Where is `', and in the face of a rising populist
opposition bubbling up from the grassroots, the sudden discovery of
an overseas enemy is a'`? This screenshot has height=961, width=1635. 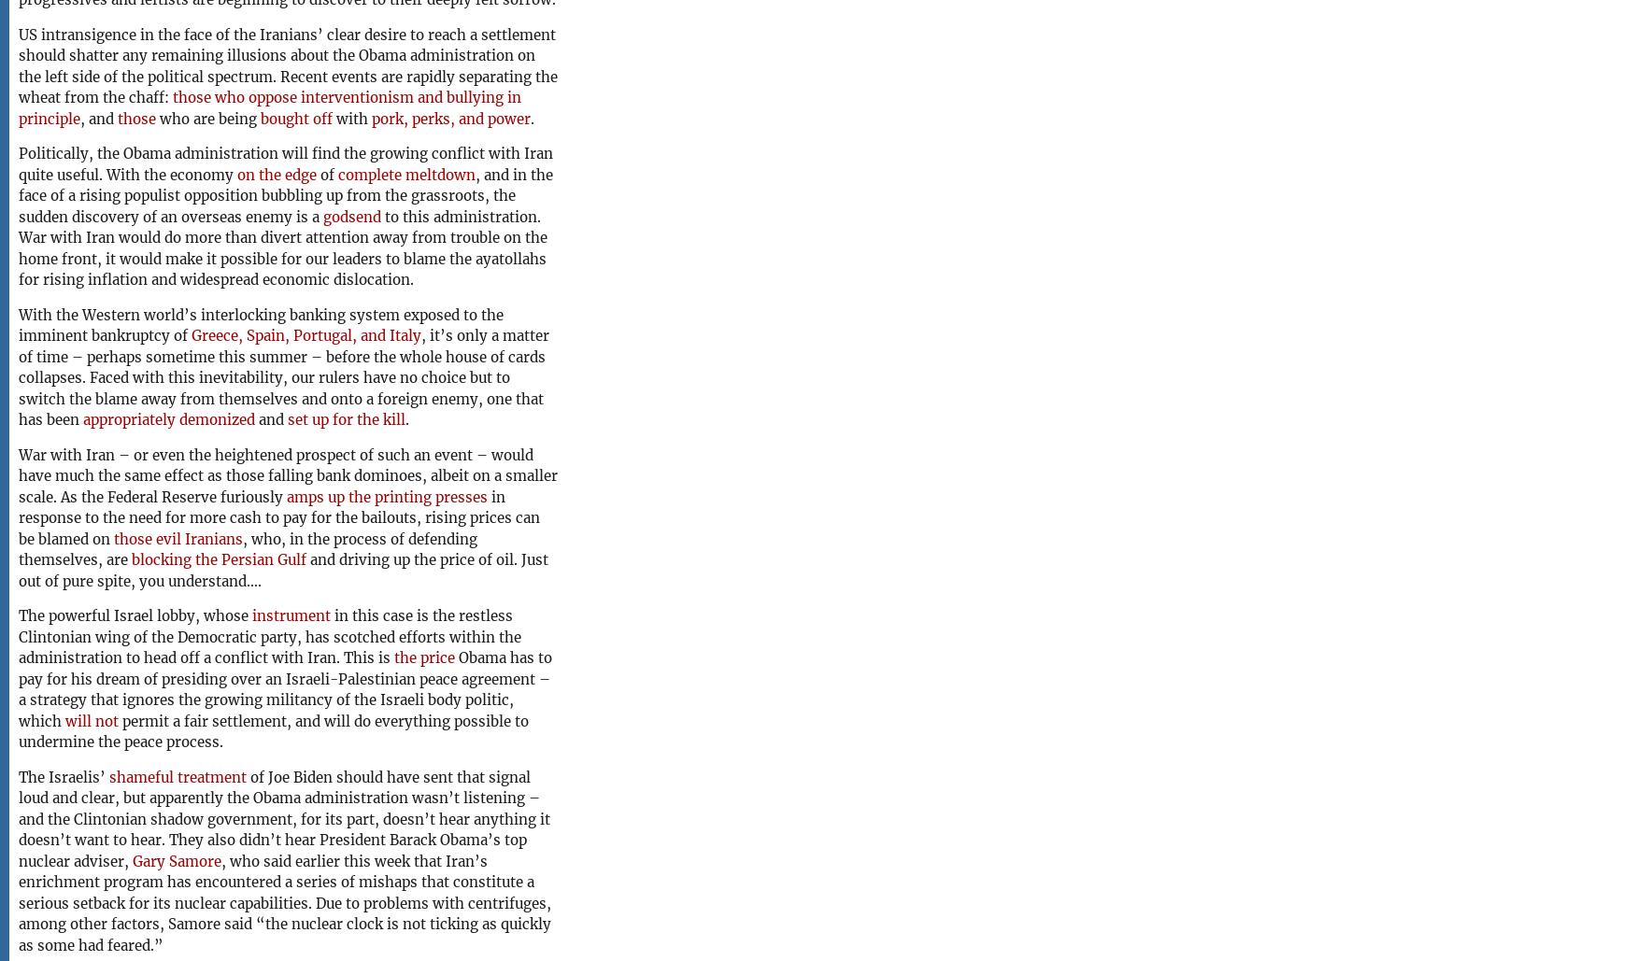
', and in the face of a rising populist
opposition bubbling up from the grassroots, the sudden discovery of
an overseas enemy is a' is located at coordinates (285, 194).